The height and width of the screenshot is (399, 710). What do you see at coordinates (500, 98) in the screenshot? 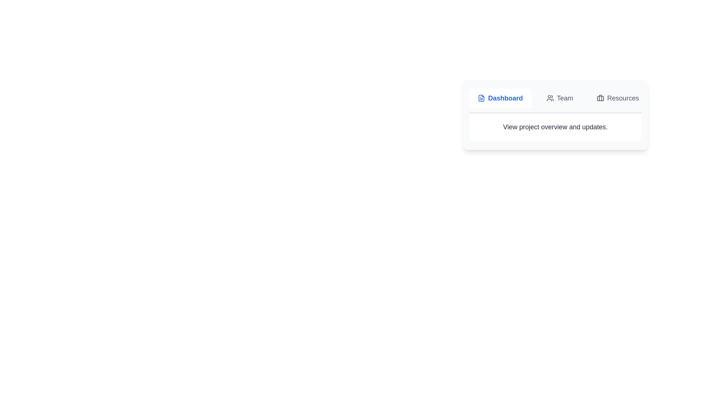
I see `the tab labeled 'Dashboard' to observe the hover effect` at bounding box center [500, 98].